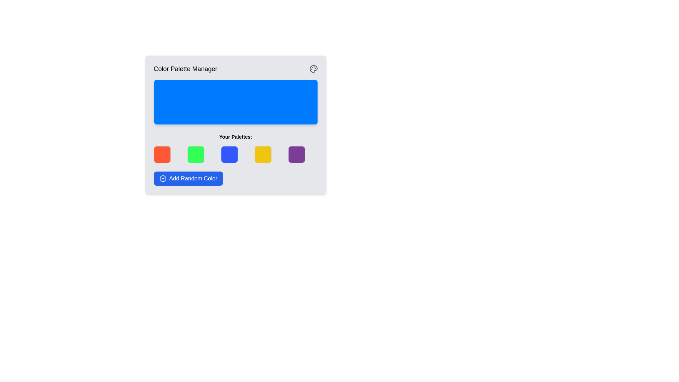  I want to click on the second color selection tile, which is a bright green square with rounded corners, so click(196, 154).